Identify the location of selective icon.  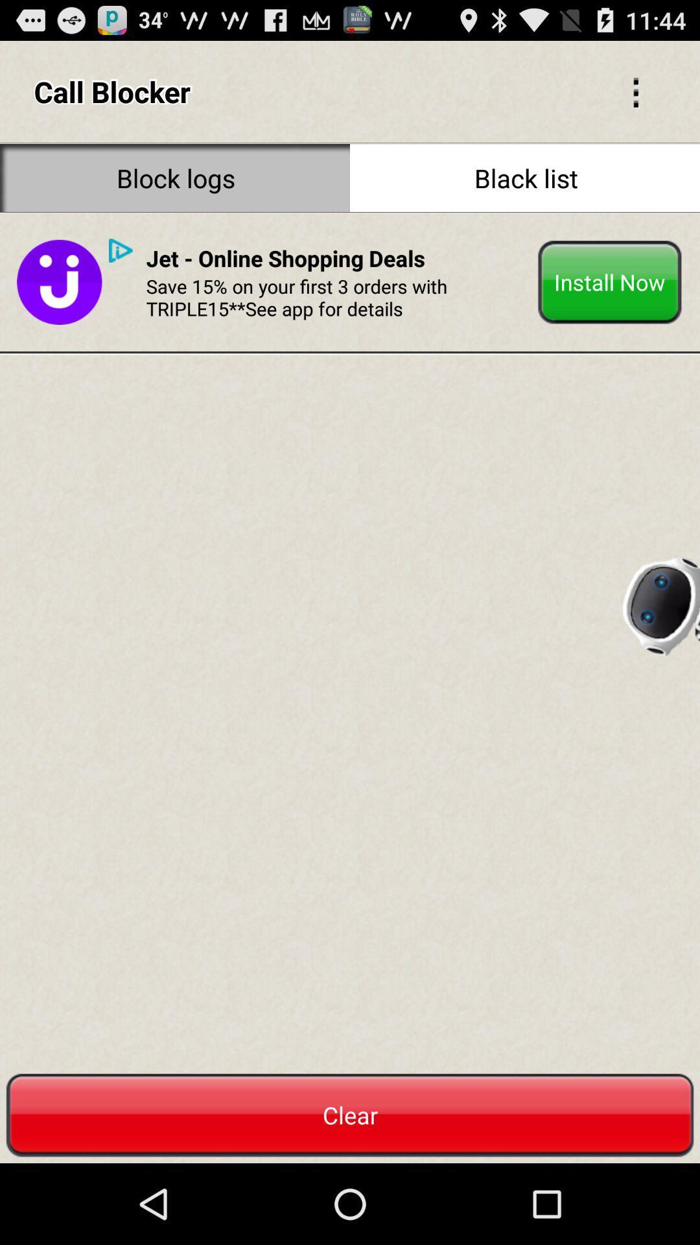
(635, 91).